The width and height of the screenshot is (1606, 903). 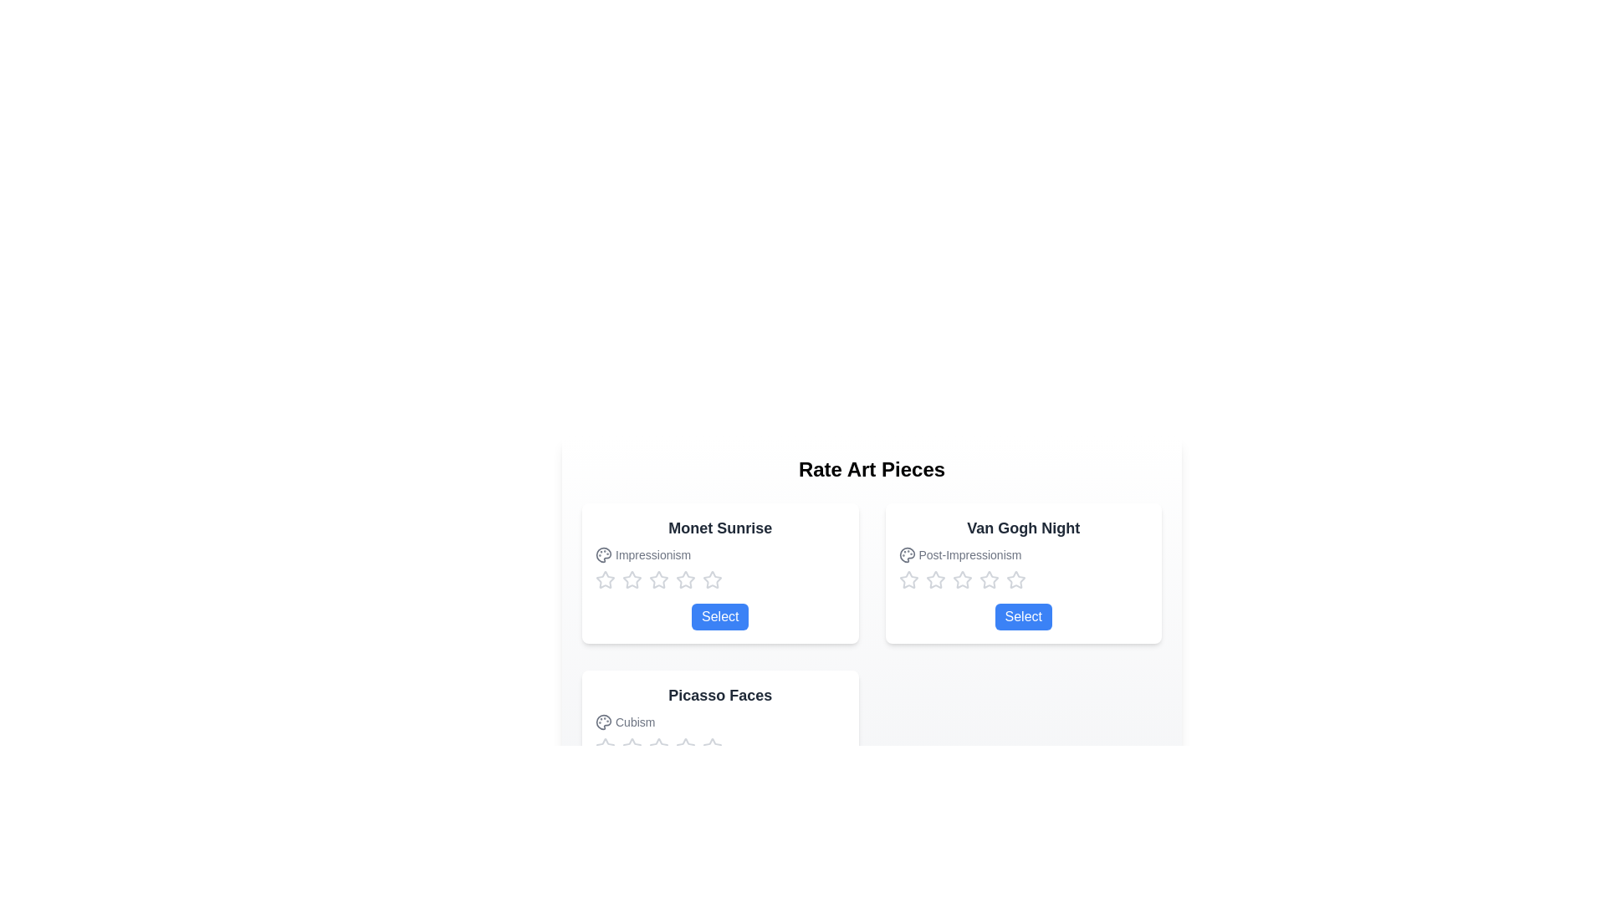 What do you see at coordinates (712, 579) in the screenshot?
I see `the fourth star-shaped icon in the rating section below the 'Monet Sunrise' artwork card` at bounding box center [712, 579].